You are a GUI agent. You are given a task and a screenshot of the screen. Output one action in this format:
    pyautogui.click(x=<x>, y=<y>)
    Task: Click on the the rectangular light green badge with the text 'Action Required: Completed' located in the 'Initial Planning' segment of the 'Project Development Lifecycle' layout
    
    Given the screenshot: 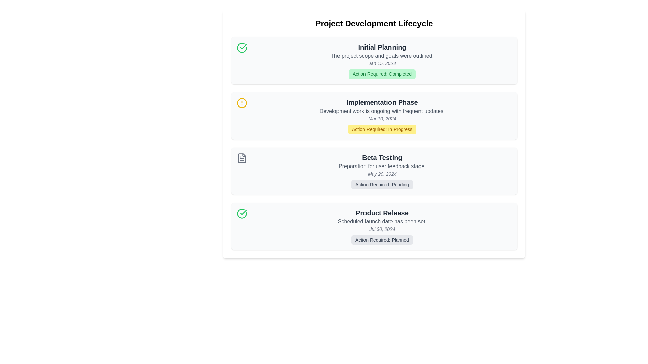 What is the action you would take?
    pyautogui.click(x=382, y=74)
    